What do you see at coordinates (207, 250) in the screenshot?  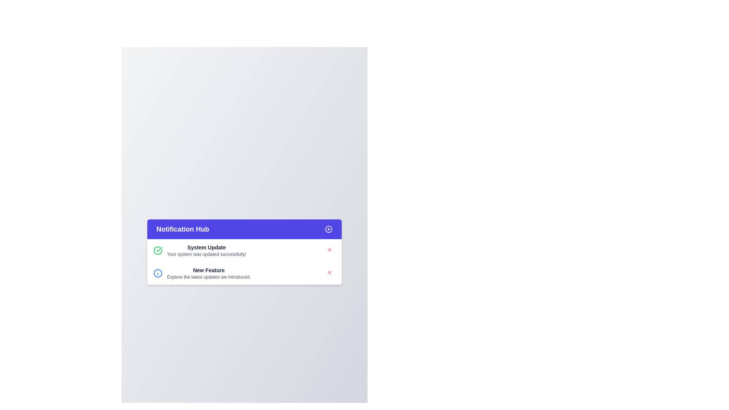 I see `the text element providing informative feedback about the system update status, located under the 'Notification Hub' heading and to the right of the green checkbox icon` at bounding box center [207, 250].